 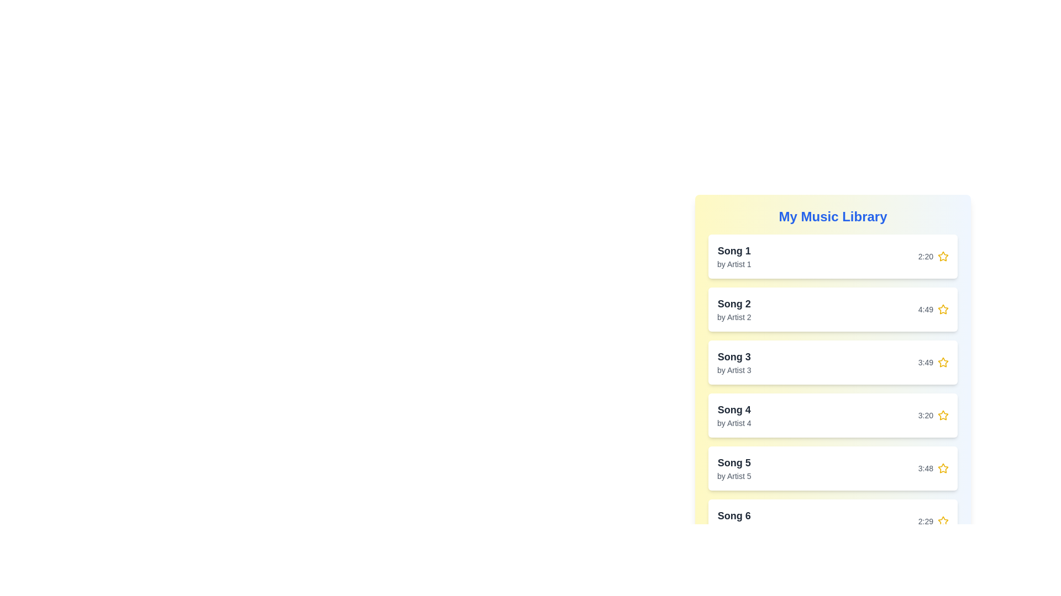 I want to click on the text label displaying the duration '2:29' of the song 'Song 6' located in the music library section, positioned to the right of the song details and aligned left to a star icon, so click(x=926, y=521).